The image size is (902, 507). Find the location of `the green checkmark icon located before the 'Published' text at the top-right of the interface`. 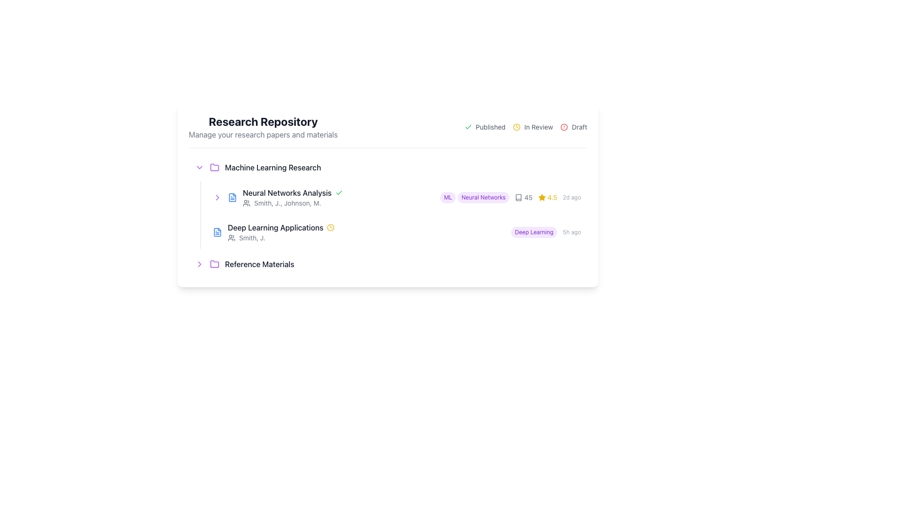

the green checkmark icon located before the 'Published' text at the top-right of the interface is located at coordinates (468, 127).